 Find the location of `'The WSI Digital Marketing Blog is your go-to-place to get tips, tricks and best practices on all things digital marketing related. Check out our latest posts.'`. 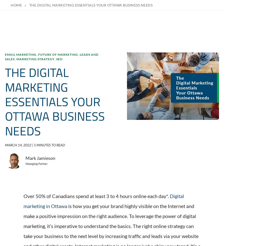

'The WSI Digital Marketing Blog is your go-to-place to get tips, tricks and best practices on all things digital marketing related. Check out our latest posts.' is located at coordinates (125, 38).